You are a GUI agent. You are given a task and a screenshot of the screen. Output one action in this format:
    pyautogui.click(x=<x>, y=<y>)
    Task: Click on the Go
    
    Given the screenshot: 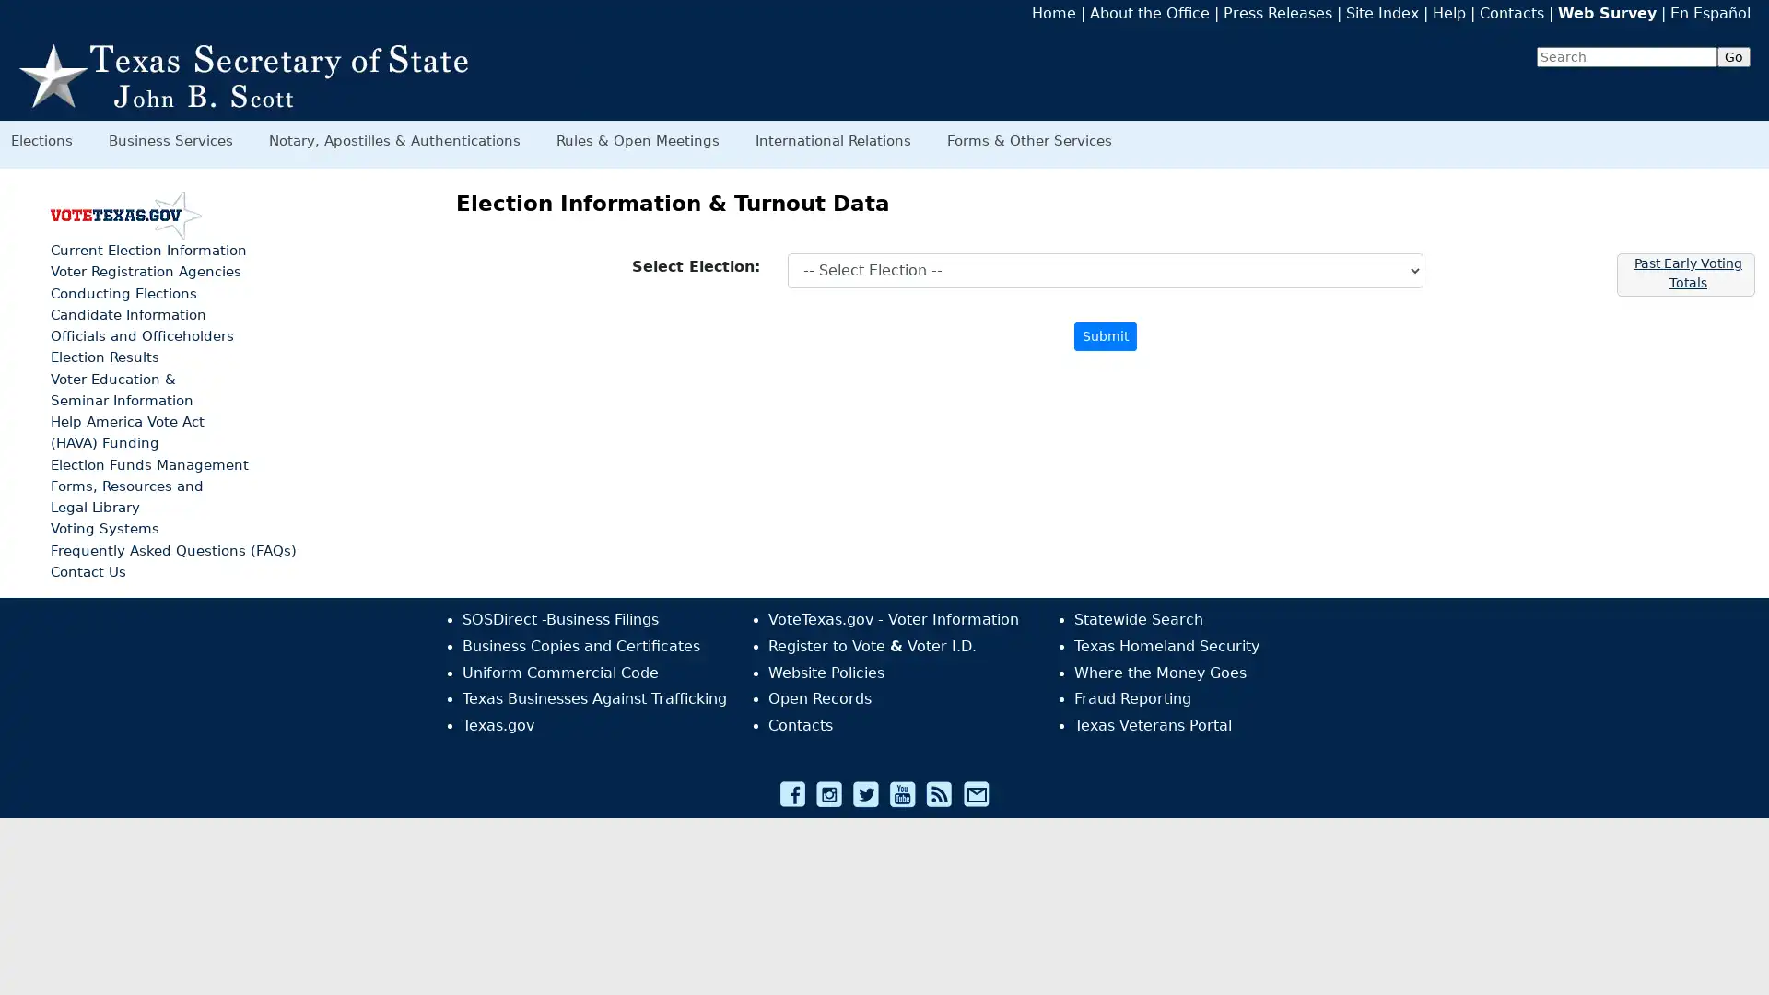 What is the action you would take?
    pyautogui.click(x=1732, y=55)
    